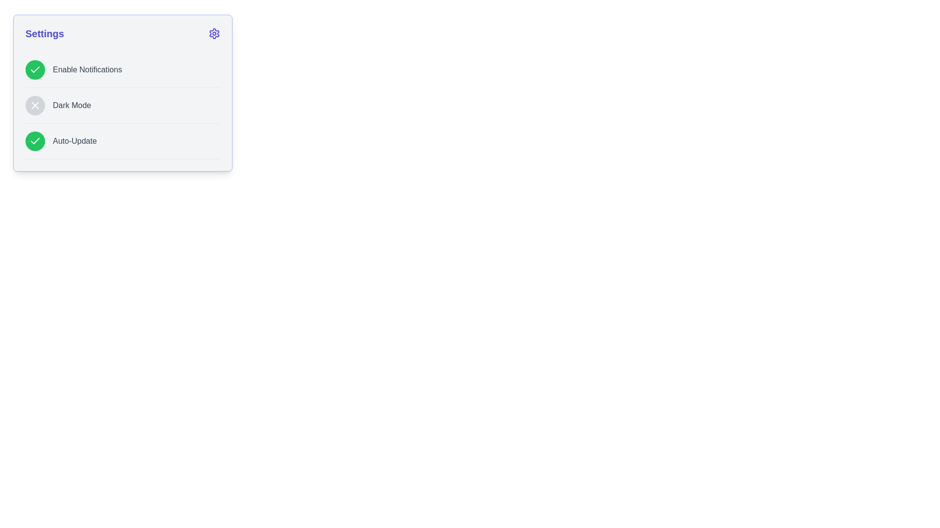 This screenshot has height=528, width=940. Describe the element at coordinates (213, 33) in the screenshot. I see `the settings icon in the top-right corner of the SettingsPanel` at that location.